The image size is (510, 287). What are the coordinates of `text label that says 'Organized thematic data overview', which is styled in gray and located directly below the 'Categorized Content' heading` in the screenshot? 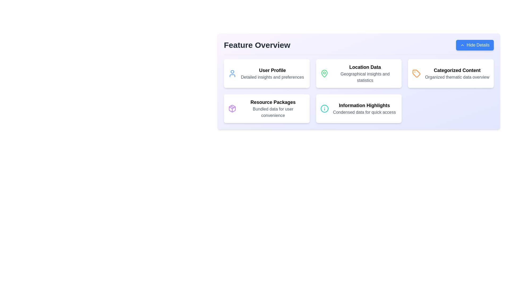 It's located at (457, 77).